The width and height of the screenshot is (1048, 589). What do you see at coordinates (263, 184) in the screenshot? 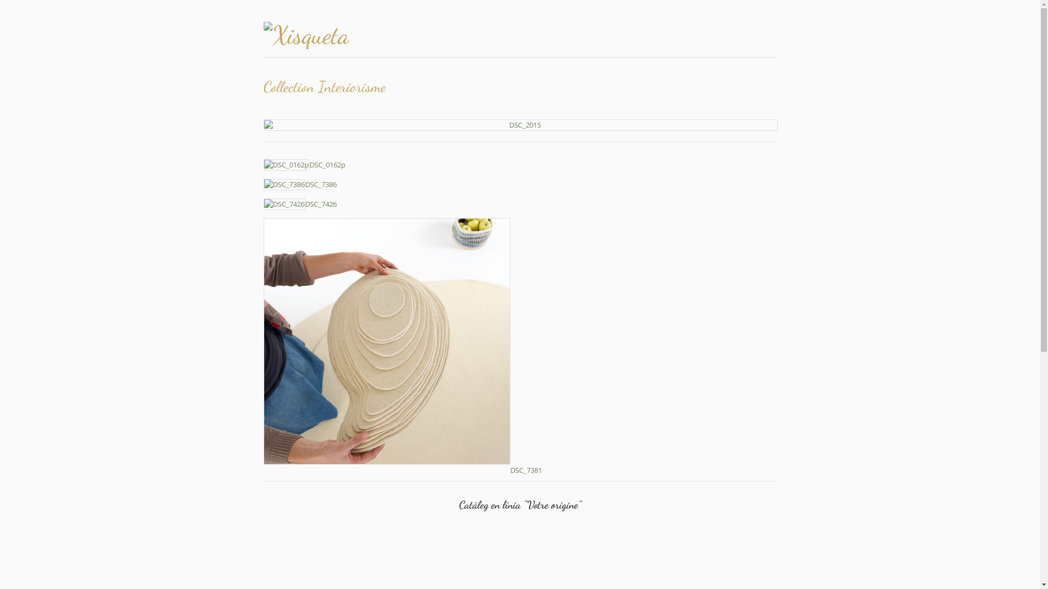
I see `'DSC_7386'` at bounding box center [263, 184].